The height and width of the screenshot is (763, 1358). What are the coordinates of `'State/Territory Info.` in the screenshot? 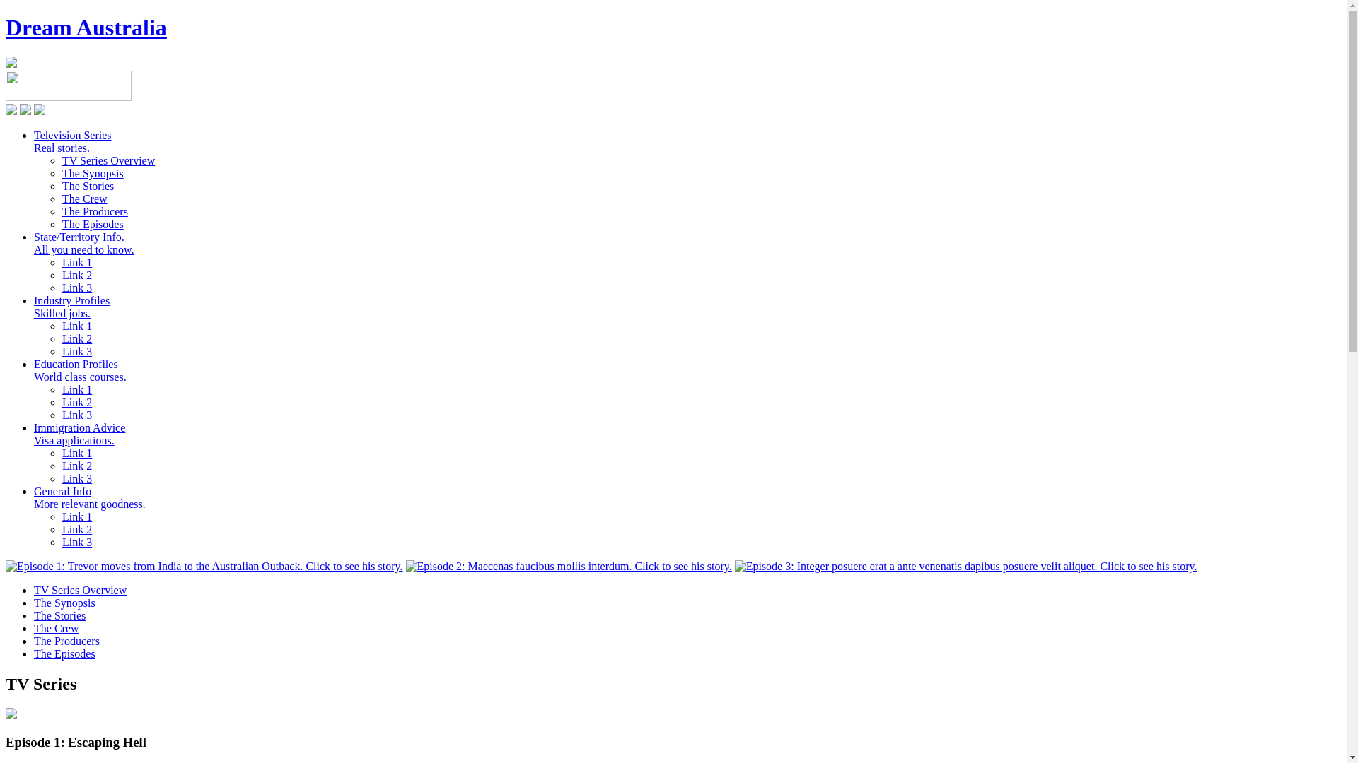 It's located at (34, 242).